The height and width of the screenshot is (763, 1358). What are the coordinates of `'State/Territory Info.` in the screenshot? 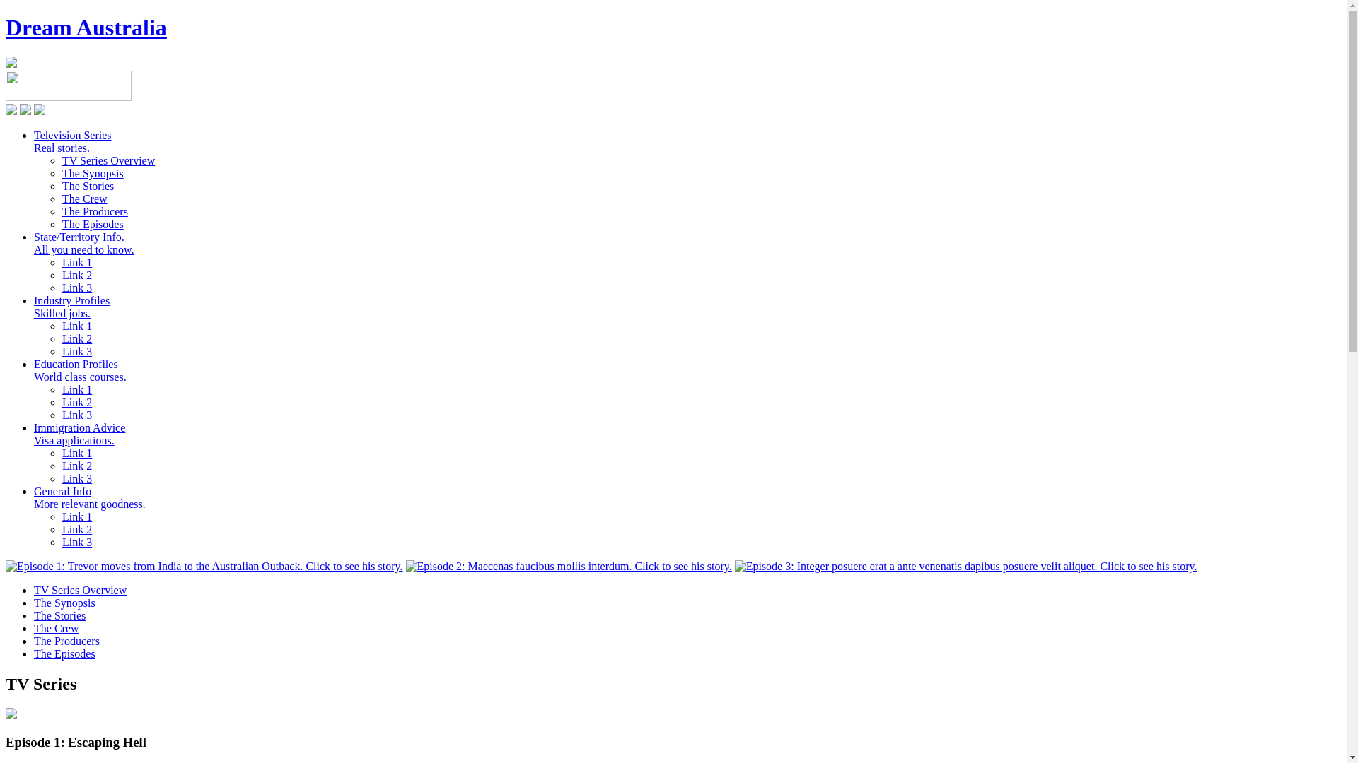 It's located at (34, 242).